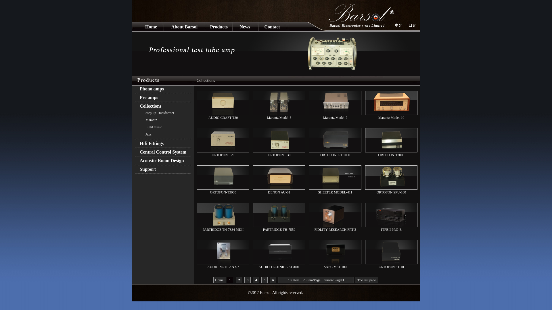 Image resolution: width=552 pixels, height=310 pixels. I want to click on 'Home', so click(151, 26).